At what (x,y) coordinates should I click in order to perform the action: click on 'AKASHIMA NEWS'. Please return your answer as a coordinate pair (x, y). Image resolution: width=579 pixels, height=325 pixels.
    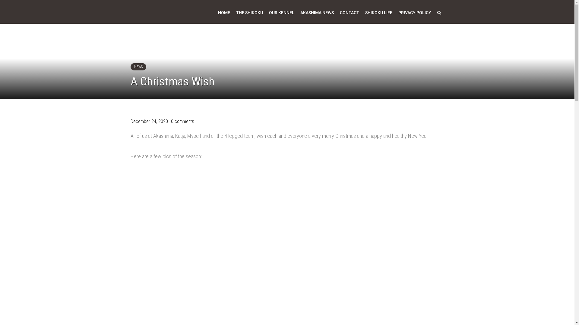
    Looking at the image, I should click on (317, 13).